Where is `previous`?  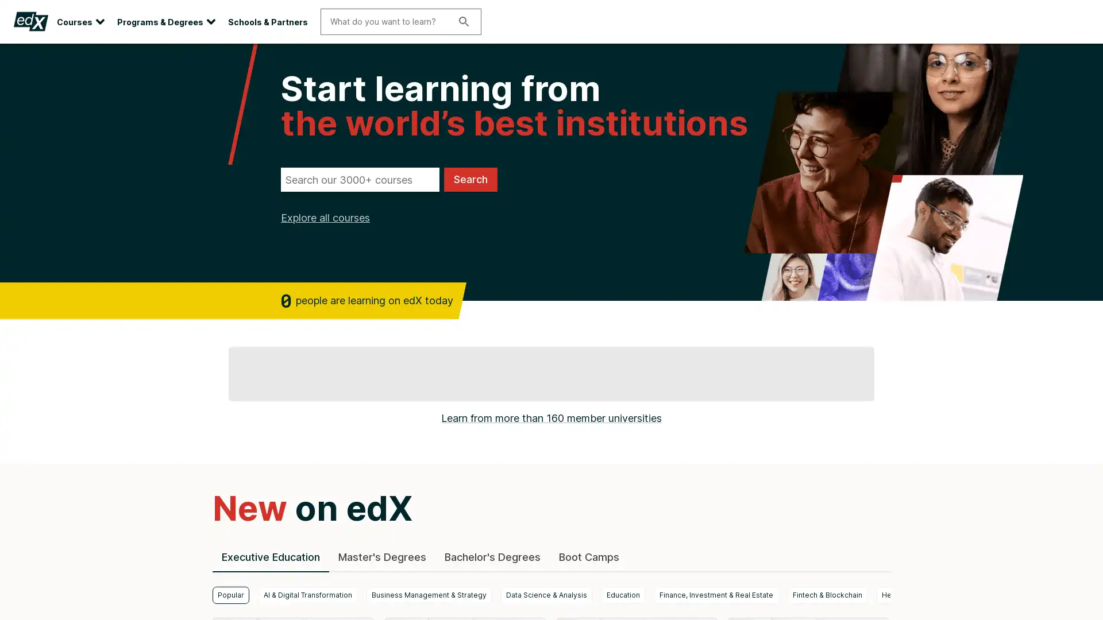
previous is located at coordinates (217, 392).